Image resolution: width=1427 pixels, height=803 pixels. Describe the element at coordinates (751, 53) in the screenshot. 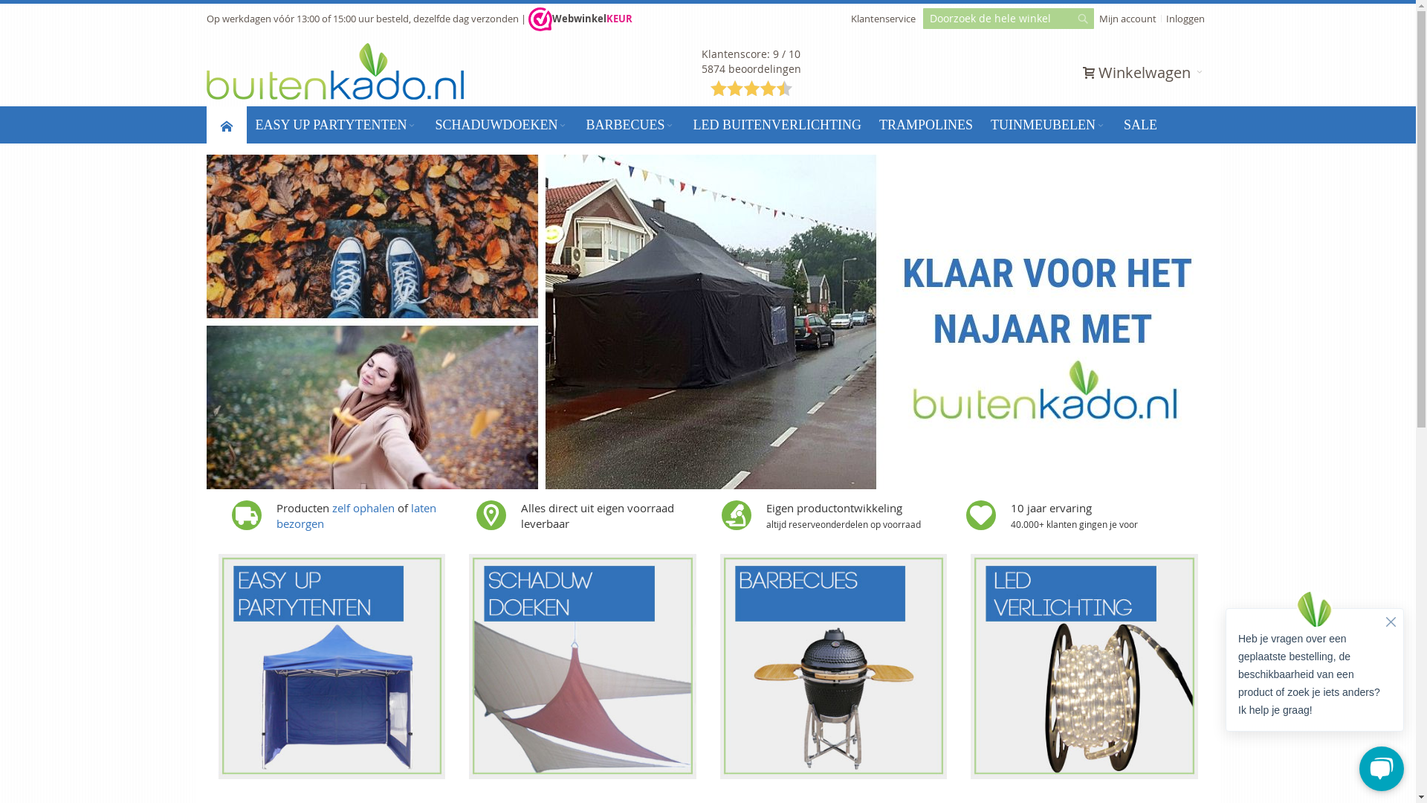

I see `'Klantenscore: 9 / 10'` at that location.